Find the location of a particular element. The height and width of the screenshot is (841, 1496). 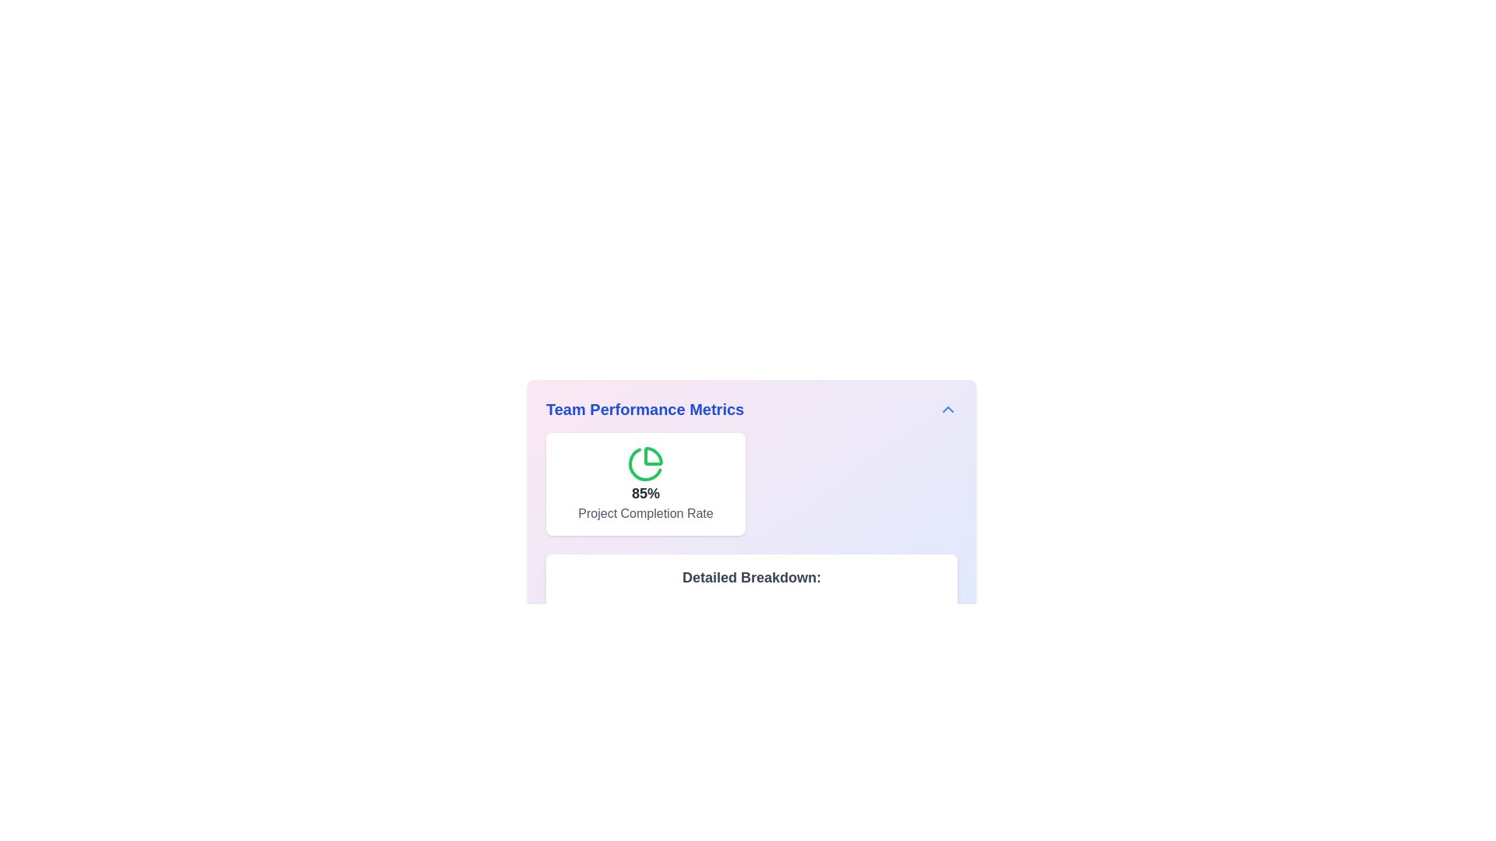

the pie chart icon with a green outline located in the top center area of the 'Team Performance Metrics' card, positioned directly above the '85%' text is located at coordinates (646, 463).